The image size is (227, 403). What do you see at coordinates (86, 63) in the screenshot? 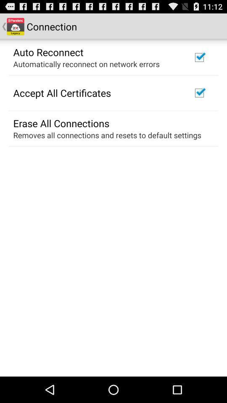
I see `the automatically reconnect on` at bounding box center [86, 63].